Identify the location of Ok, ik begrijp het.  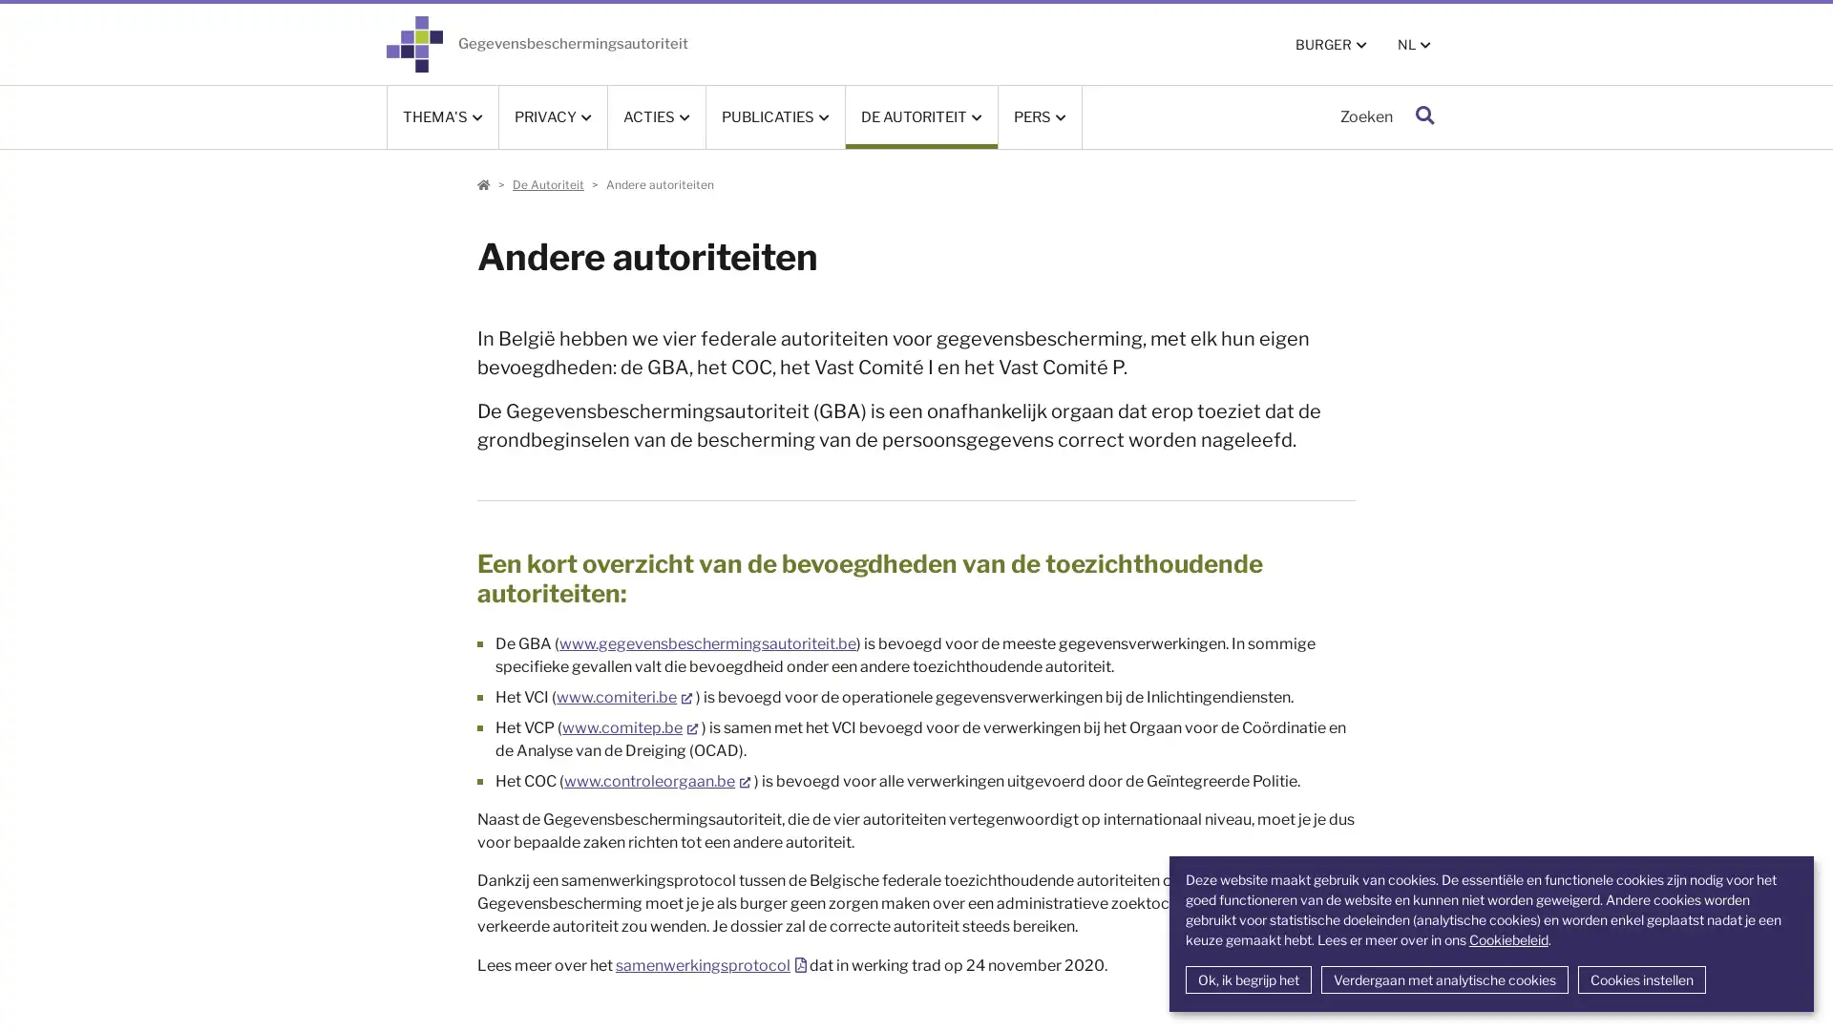
(1247, 979).